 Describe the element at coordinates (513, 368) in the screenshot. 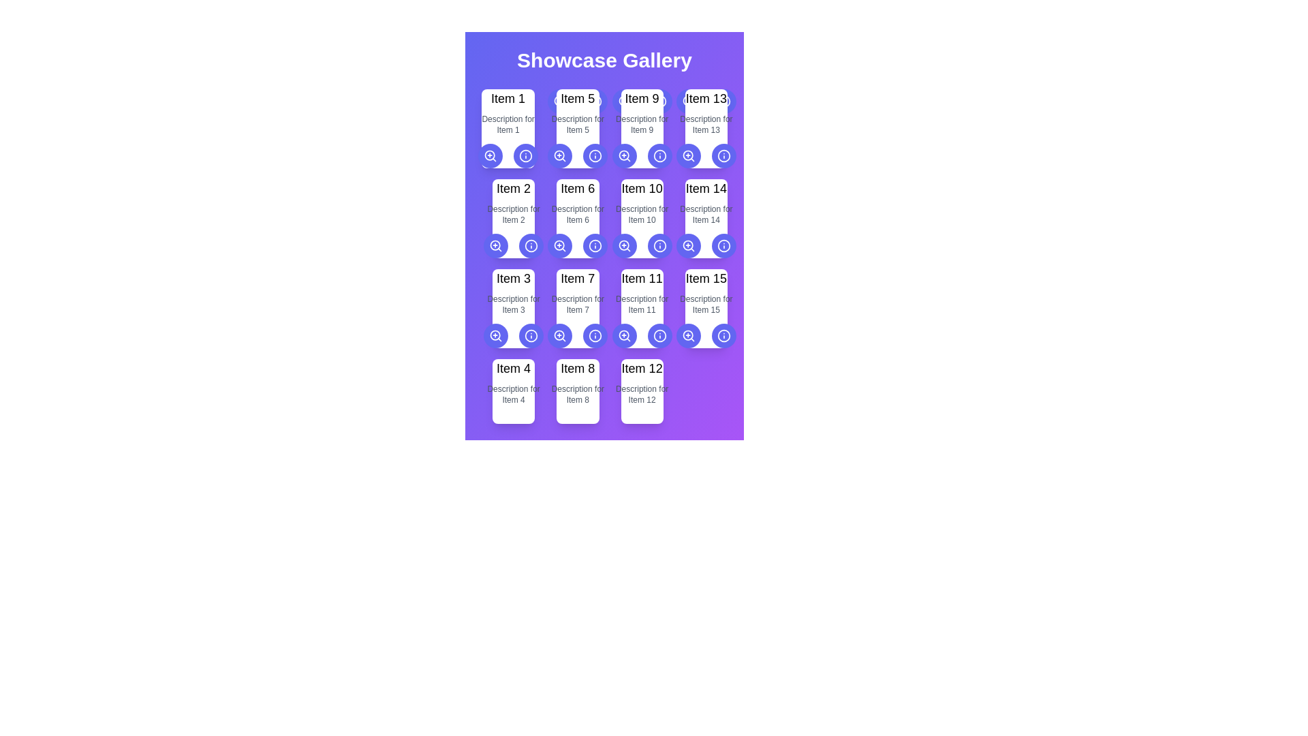

I see `the text display that shows 'Item 4' in a large and bold font style, located centrally within the fourth card in the bottom row of the grid layout` at that location.